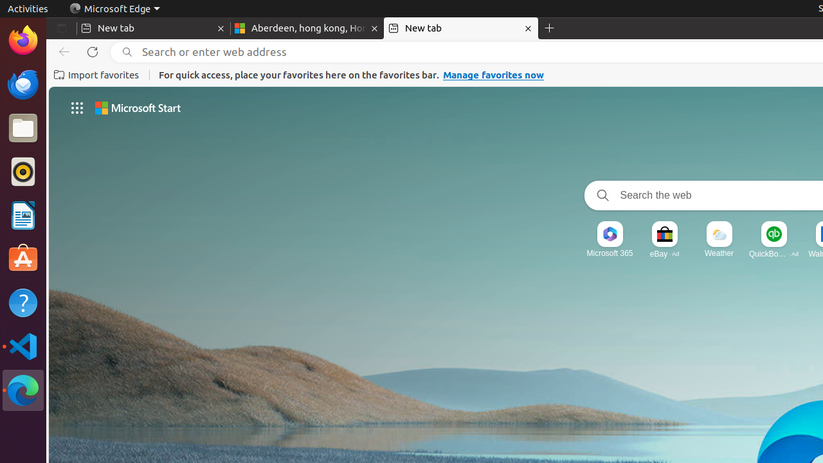 The width and height of the screenshot is (823, 463). What do you see at coordinates (493, 75) in the screenshot?
I see `'Manage favorites now'` at bounding box center [493, 75].